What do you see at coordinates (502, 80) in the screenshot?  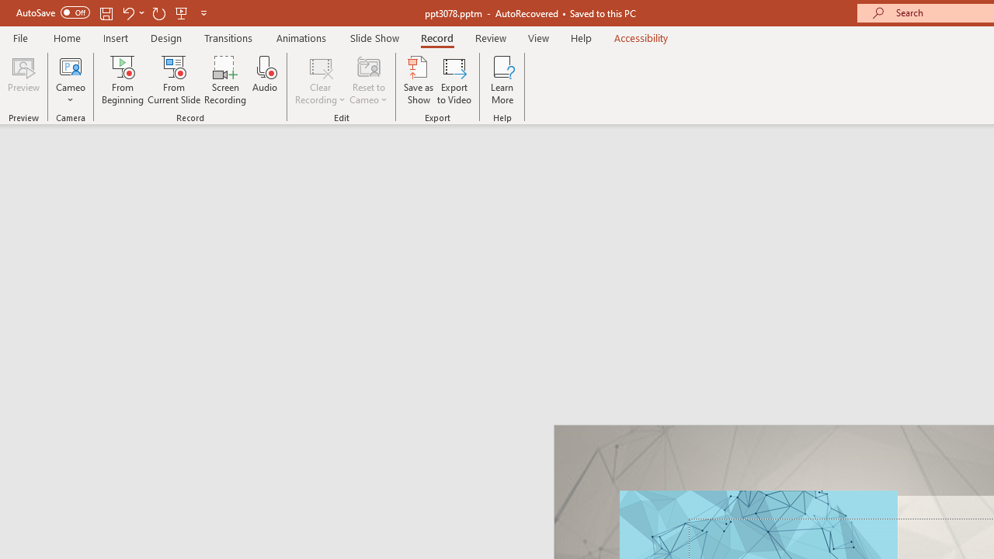 I see `'Learn More'` at bounding box center [502, 80].